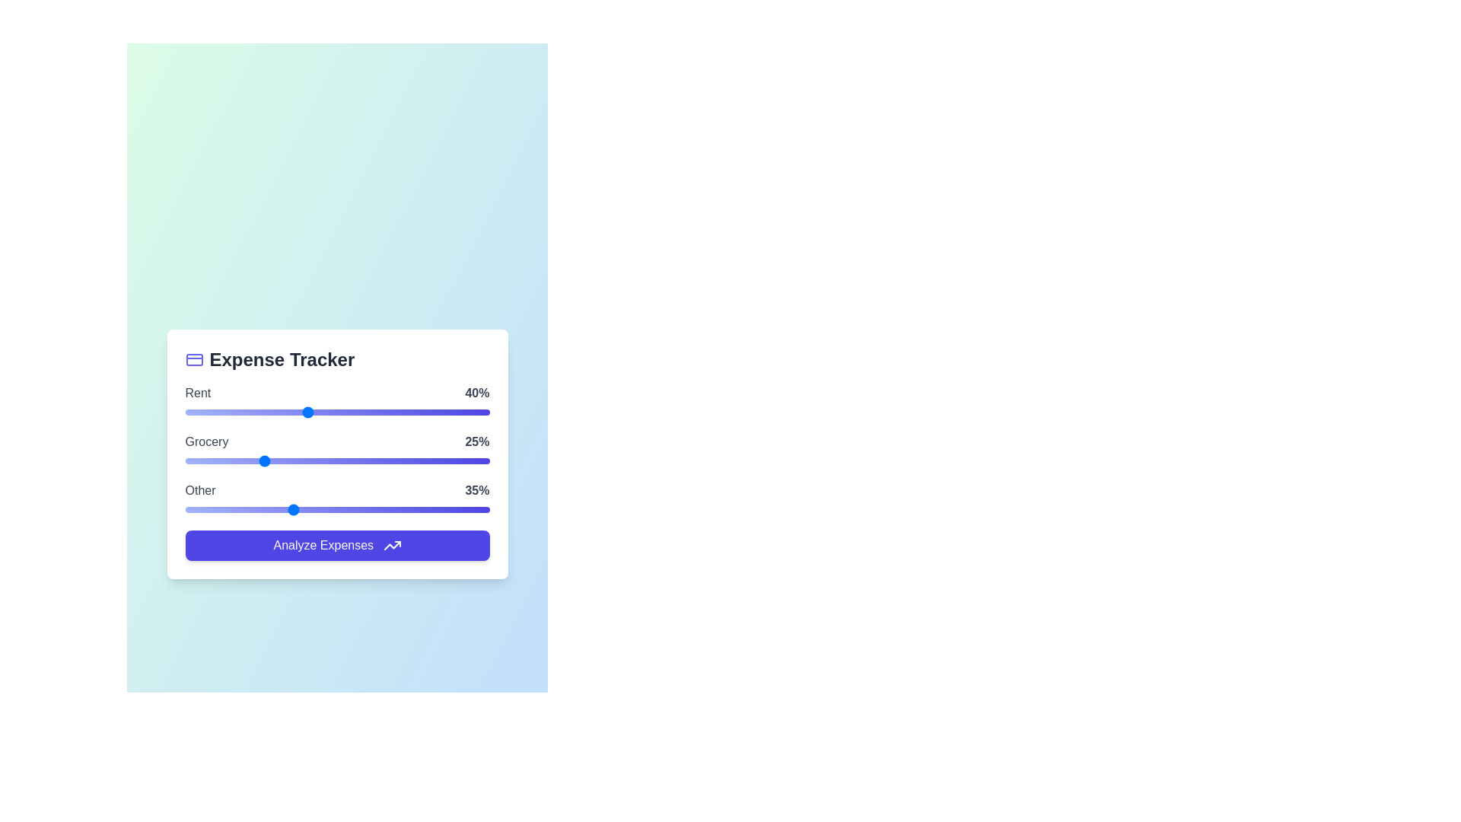 The width and height of the screenshot is (1461, 822). What do you see at coordinates (333, 412) in the screenshot?
I see `the 'Rent' slider to 49%` at bounding box center [333, 412].